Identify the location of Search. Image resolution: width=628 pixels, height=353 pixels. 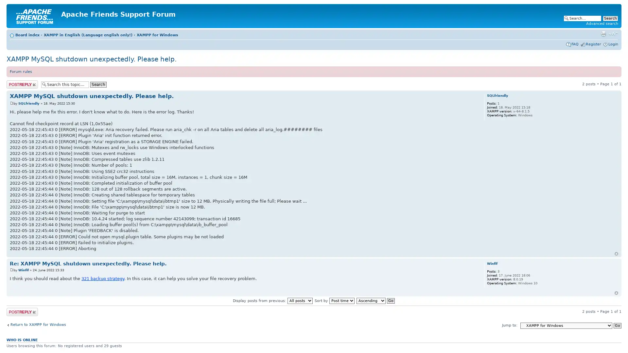
(98, 84).